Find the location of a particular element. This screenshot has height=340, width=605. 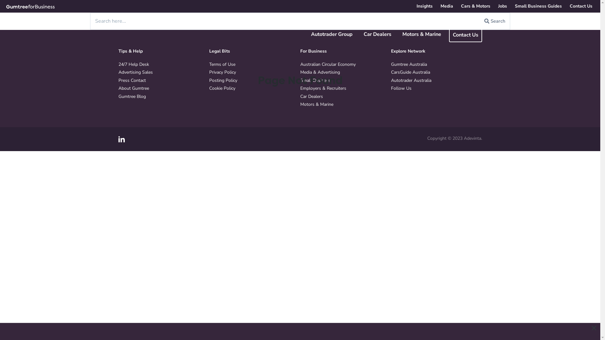

'Legal Bits' is located at coordinates (253, 51).